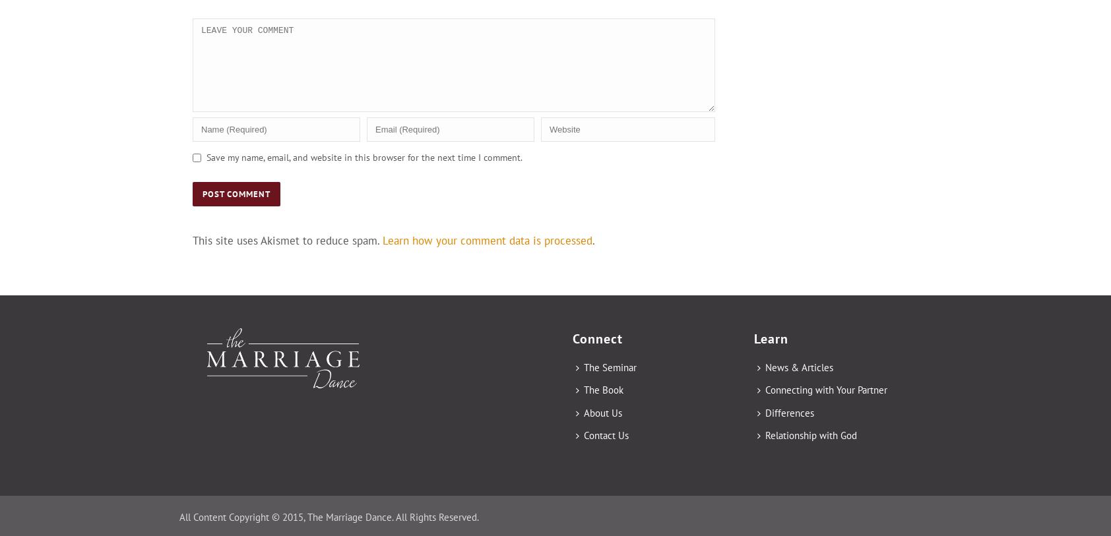 This screenshot has width=1111, height=536. Describe the element at coordinates (583, 390) in the screenshot. I see `'The Book'` at that location.